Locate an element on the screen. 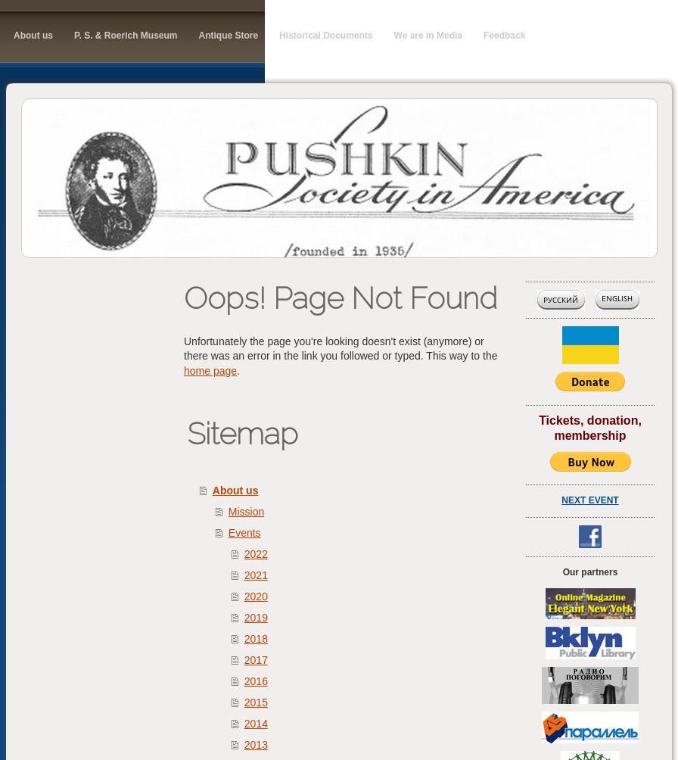  'About us' is located at coordinates (212, 488).